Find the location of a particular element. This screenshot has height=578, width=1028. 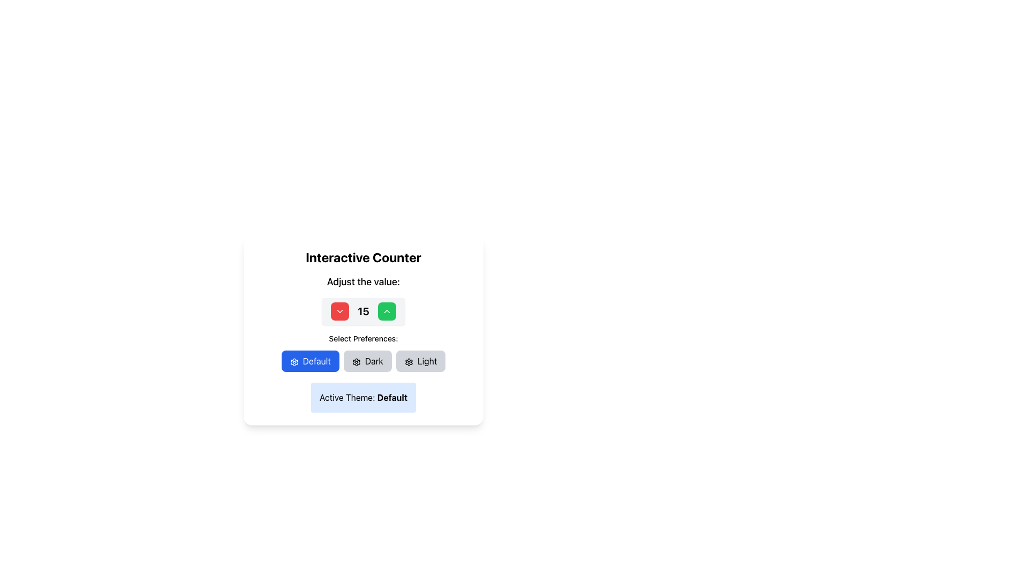

the decrement button represented by the SVG icon inside a red button, which is positioned to the left of a green button and near the numeric display showing the value '15' is located at coordinates (339, 311).